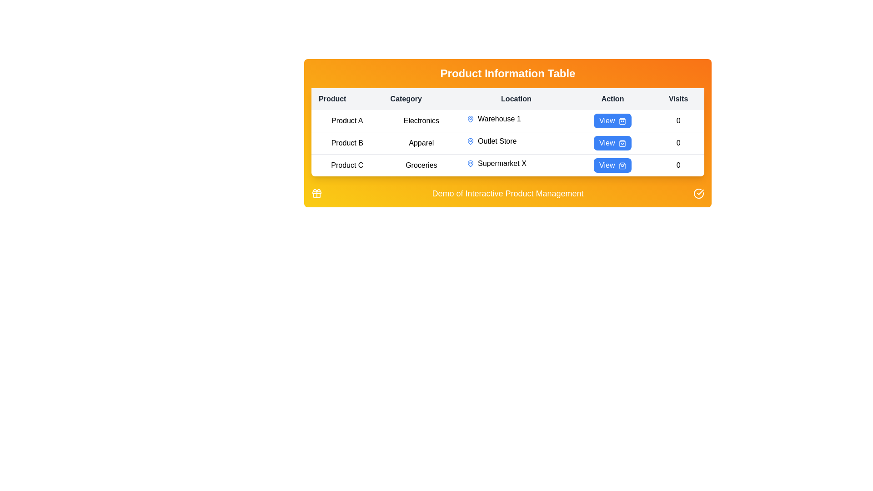 This screenshot has width=873, height=491. I want to click on the 'Groceries' text label in the 'Category' column of the table, which is displayed in standard weight black text on a white background, so click(421, 165).